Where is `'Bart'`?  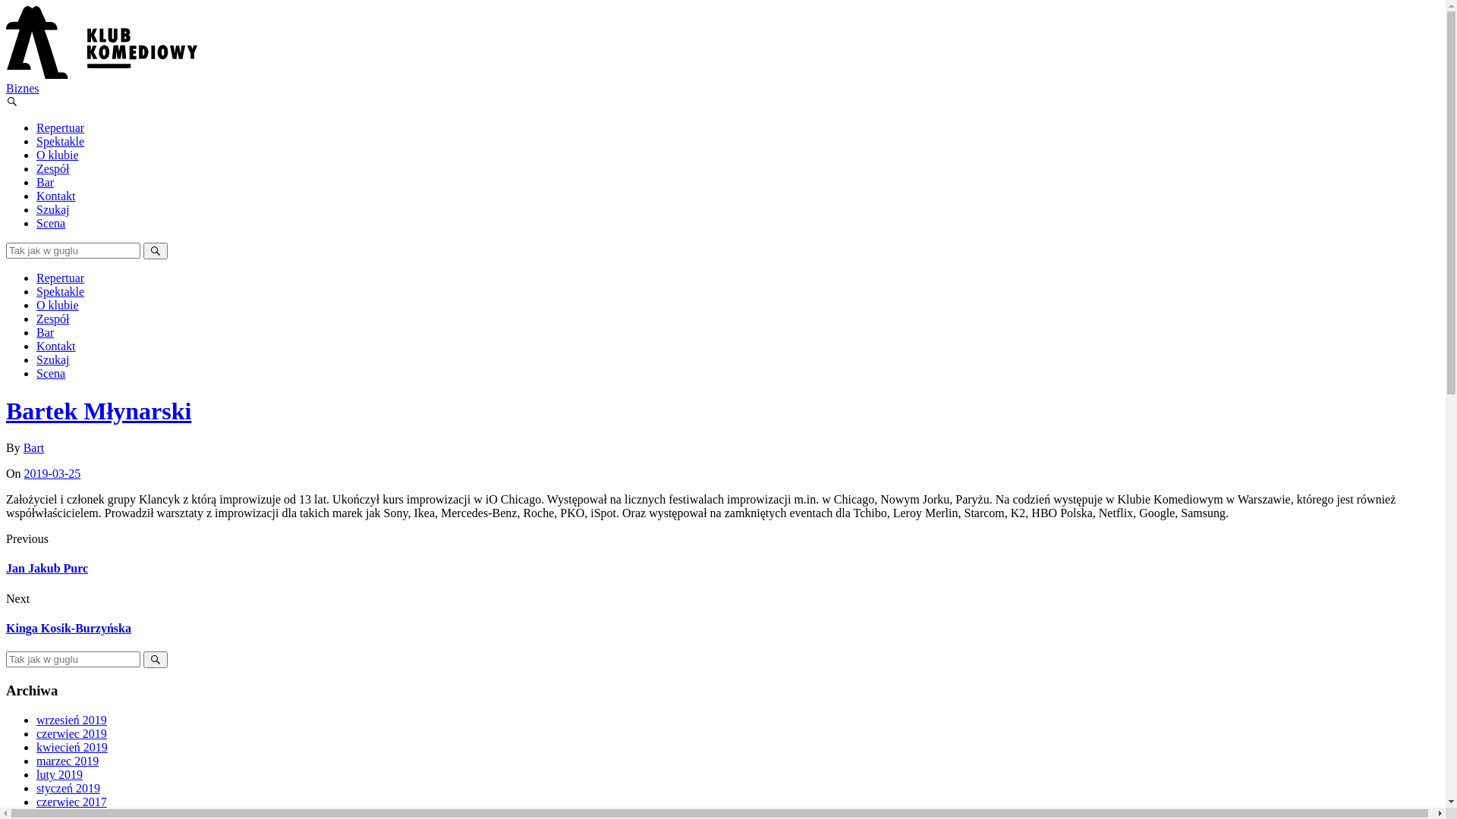 'Bart' is located at coordinates (33, 447).